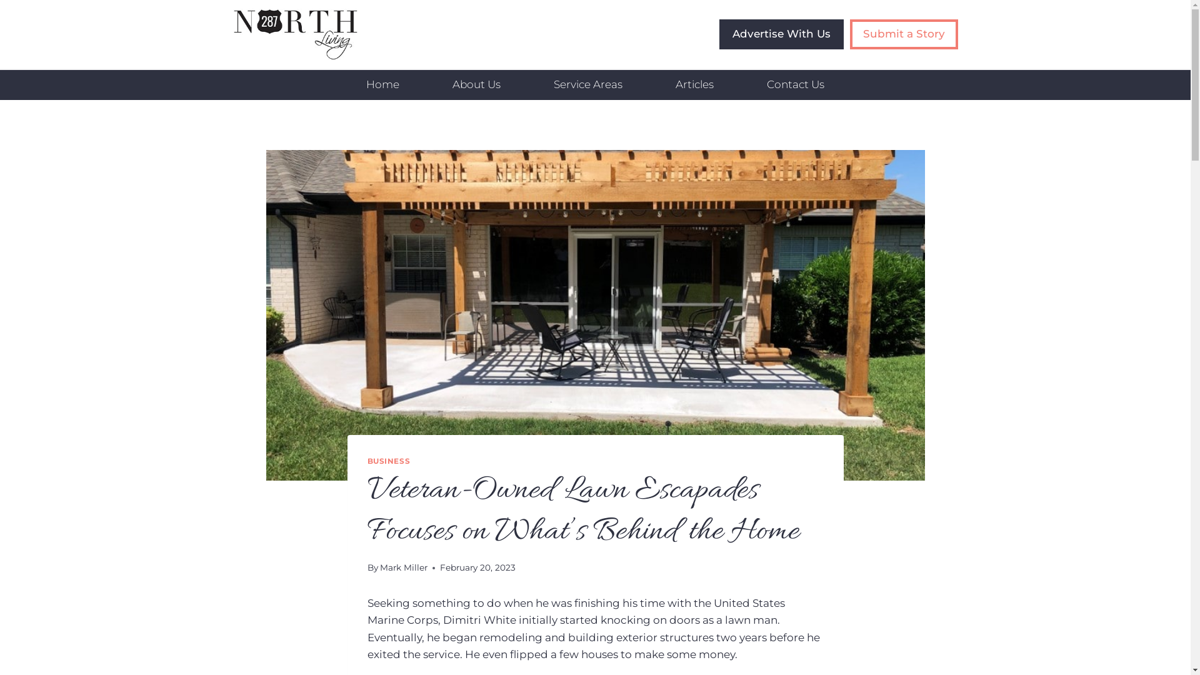 This screenshot has height=675, width=1200. I want to click on 'Home', so click(382, 84).